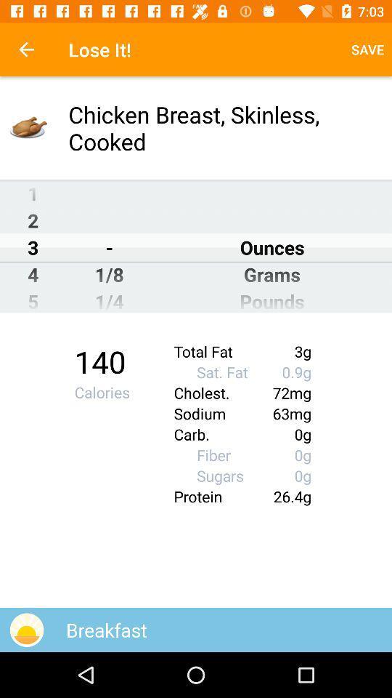 The width and height of the screenshot is (392, 698). What do you see at coordinates (367, 49) in the screenshot?
I see `the save` at bounding box center [367, 49].